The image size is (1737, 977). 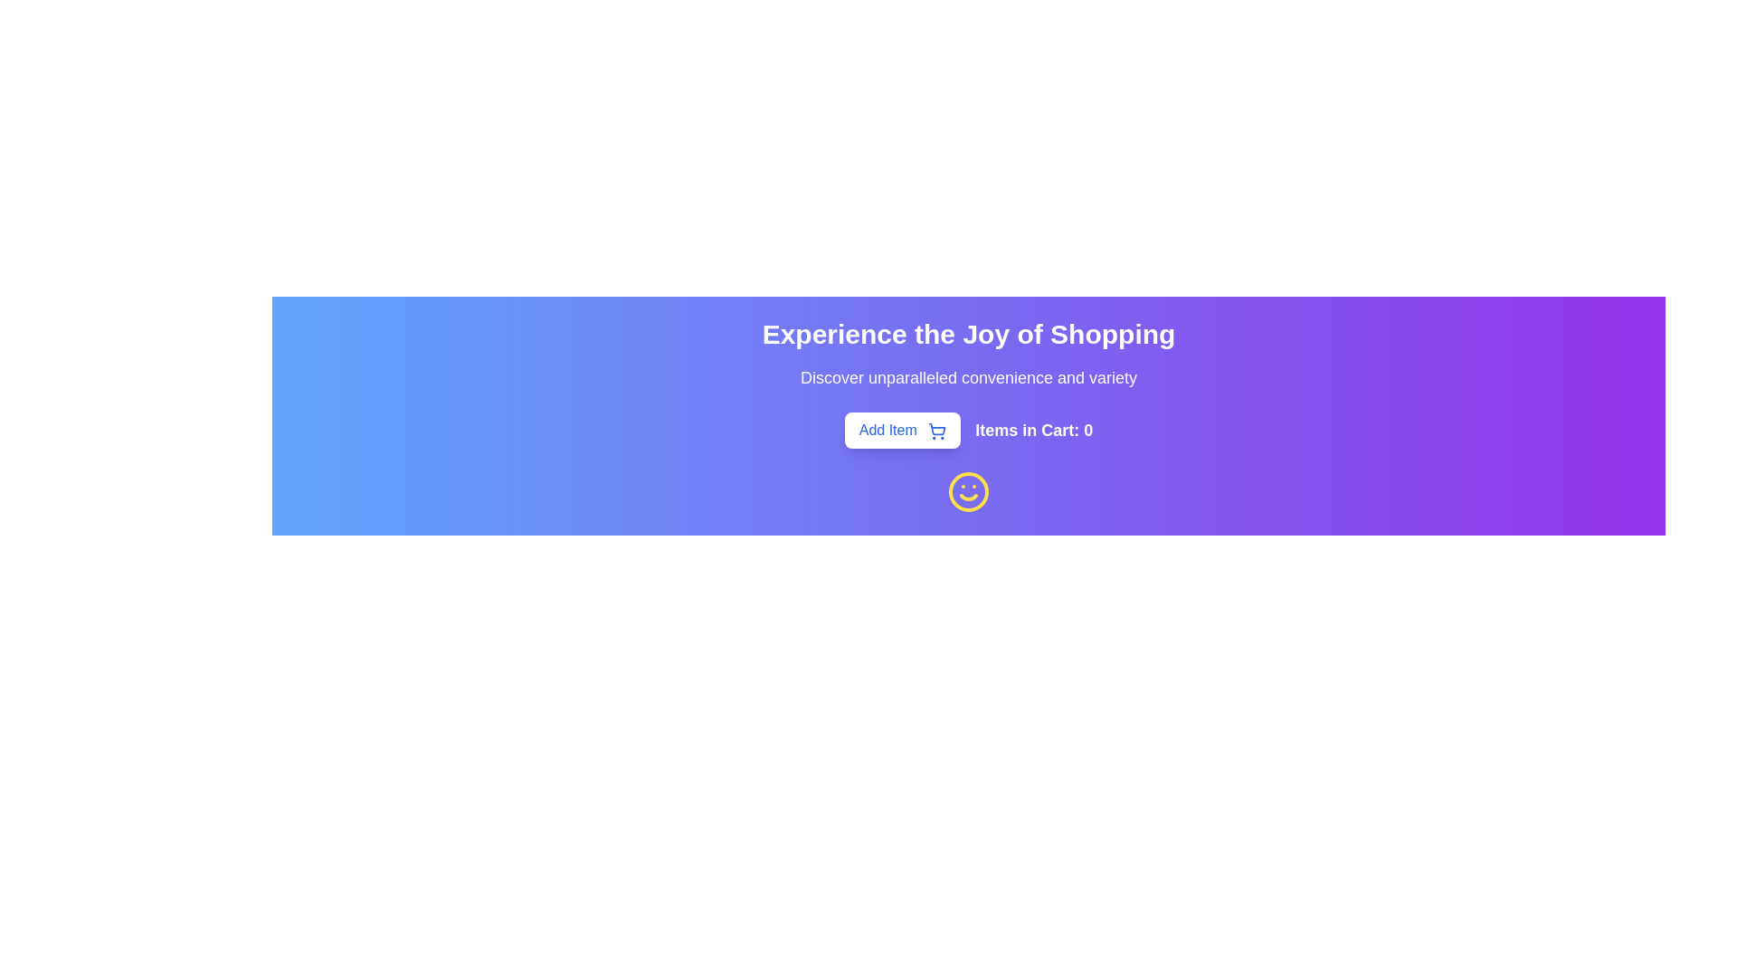 I want to click on the text displaying 'Discover unparalleled convenience and variety', which is located below the heading 'Experience the Joy of Shopping', so click(x=967, y=376).